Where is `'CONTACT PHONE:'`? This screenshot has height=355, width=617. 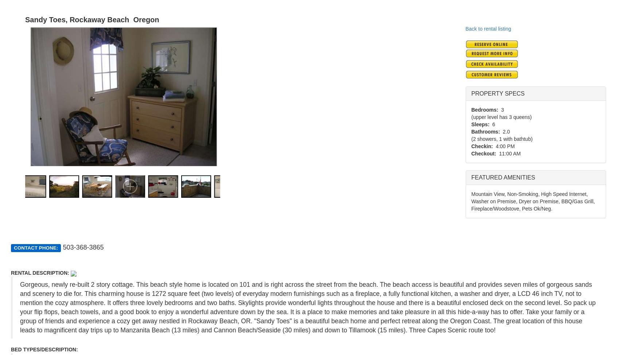
'CONTACT PHONE:' is located at coordinates (36, 247).